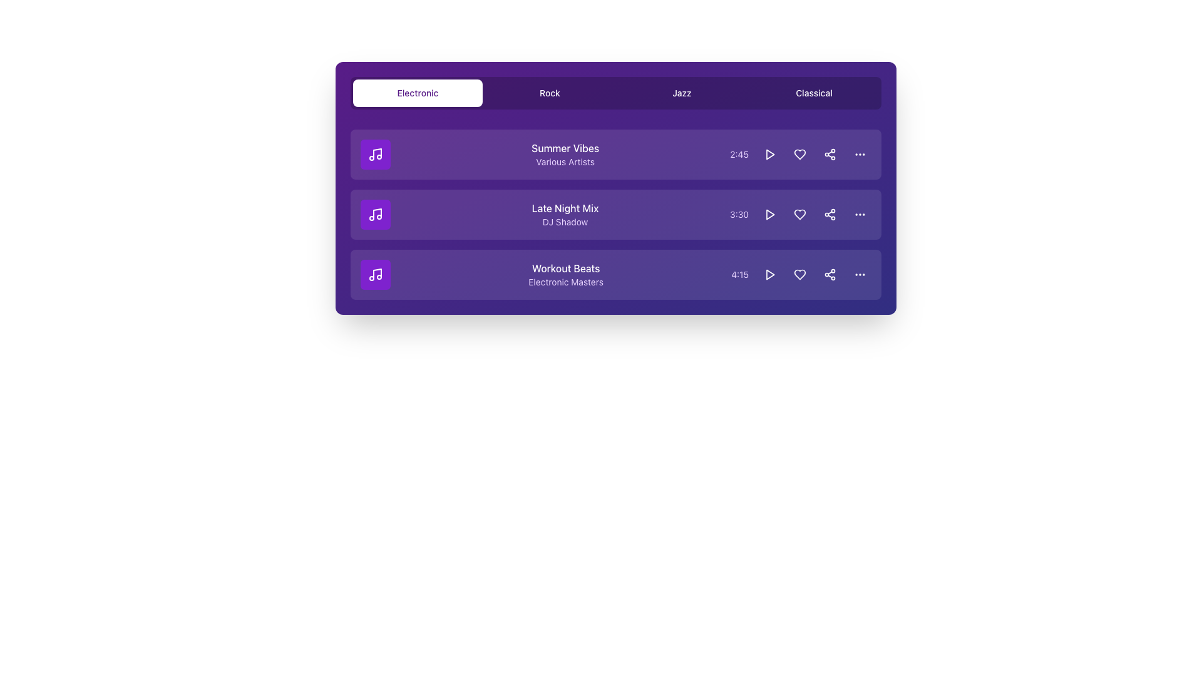 The image size is (1202, 676). Describe the element at coordinates (859, 153) in the screenshot. I see `the ellipsis menu icon, which consists of three horizontally spaced dots on a purple background` at that location.